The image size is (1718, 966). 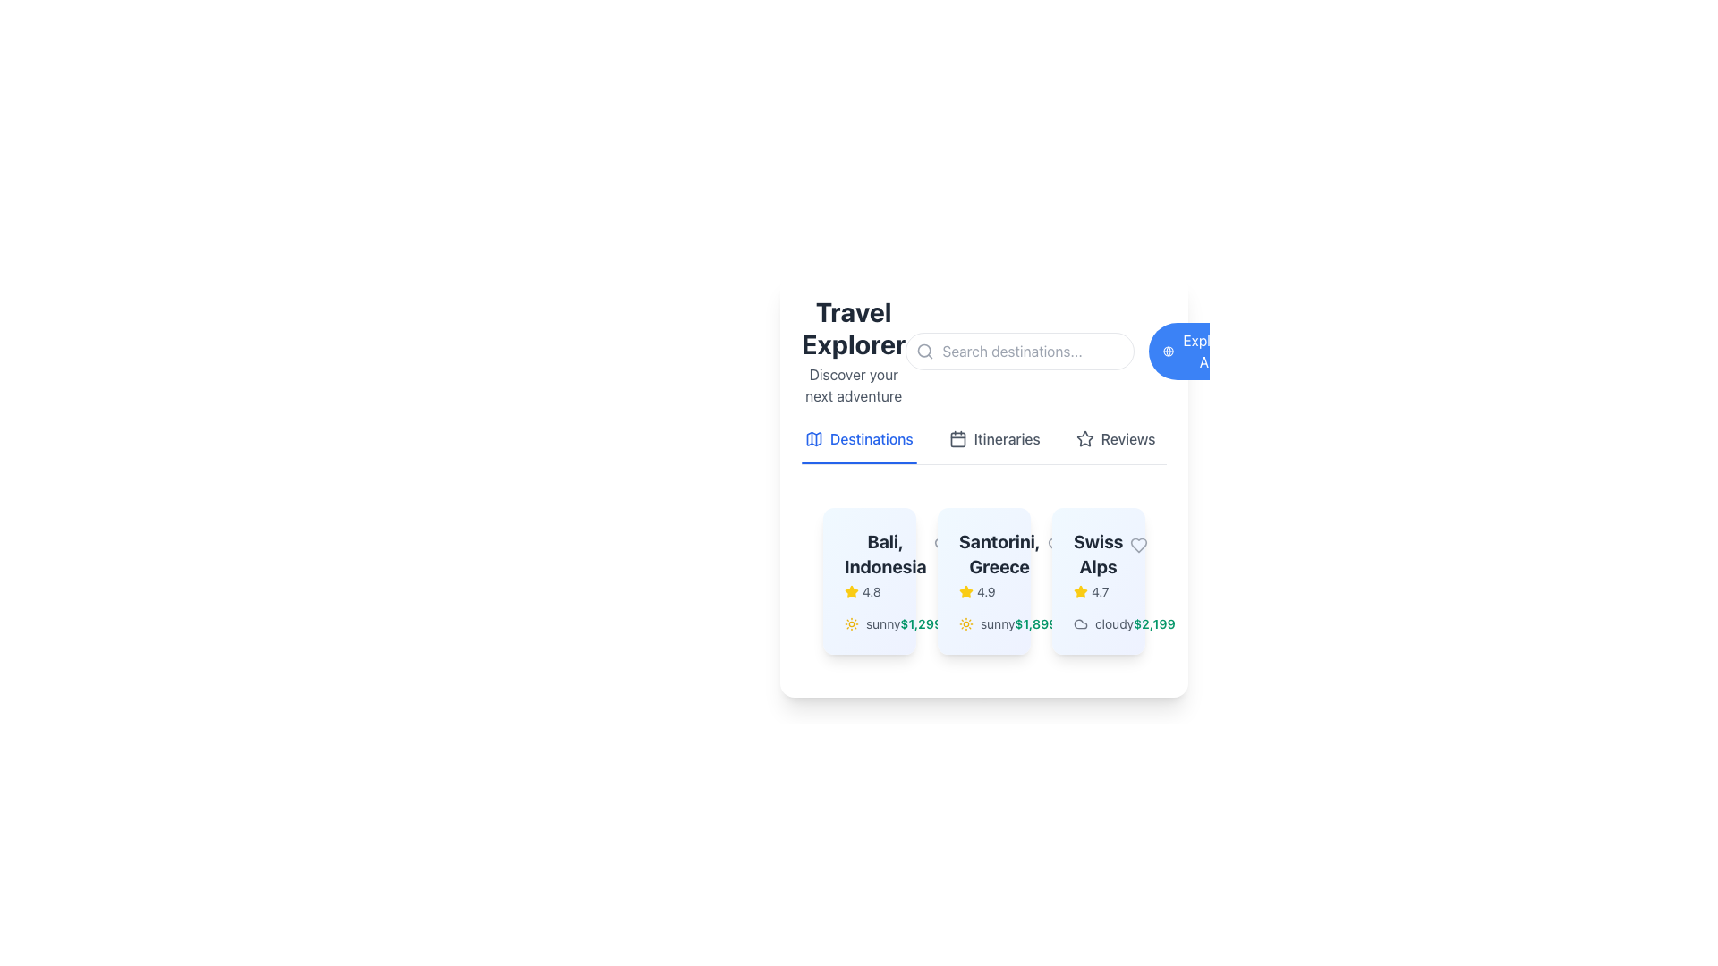 I want to click on the star icon representing the rating for 'Santorini, Greece' to interact with the rating, so click(x=965, y=592).